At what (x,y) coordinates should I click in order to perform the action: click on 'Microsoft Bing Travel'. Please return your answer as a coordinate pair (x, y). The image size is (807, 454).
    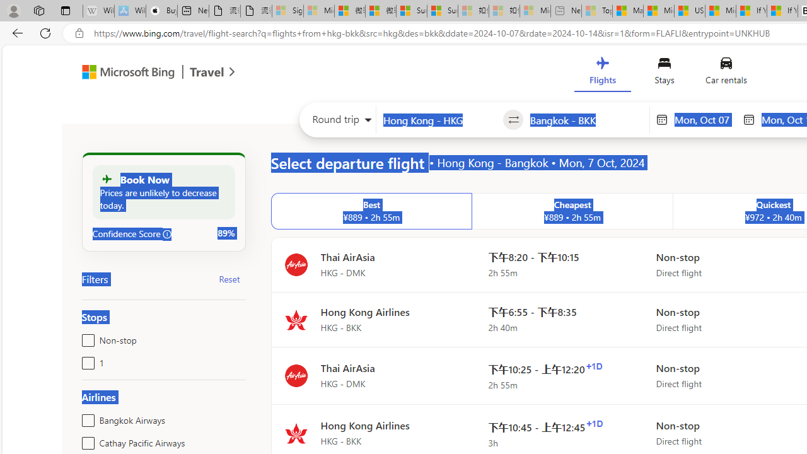
    Looking at the image, I should click on (145, 74).